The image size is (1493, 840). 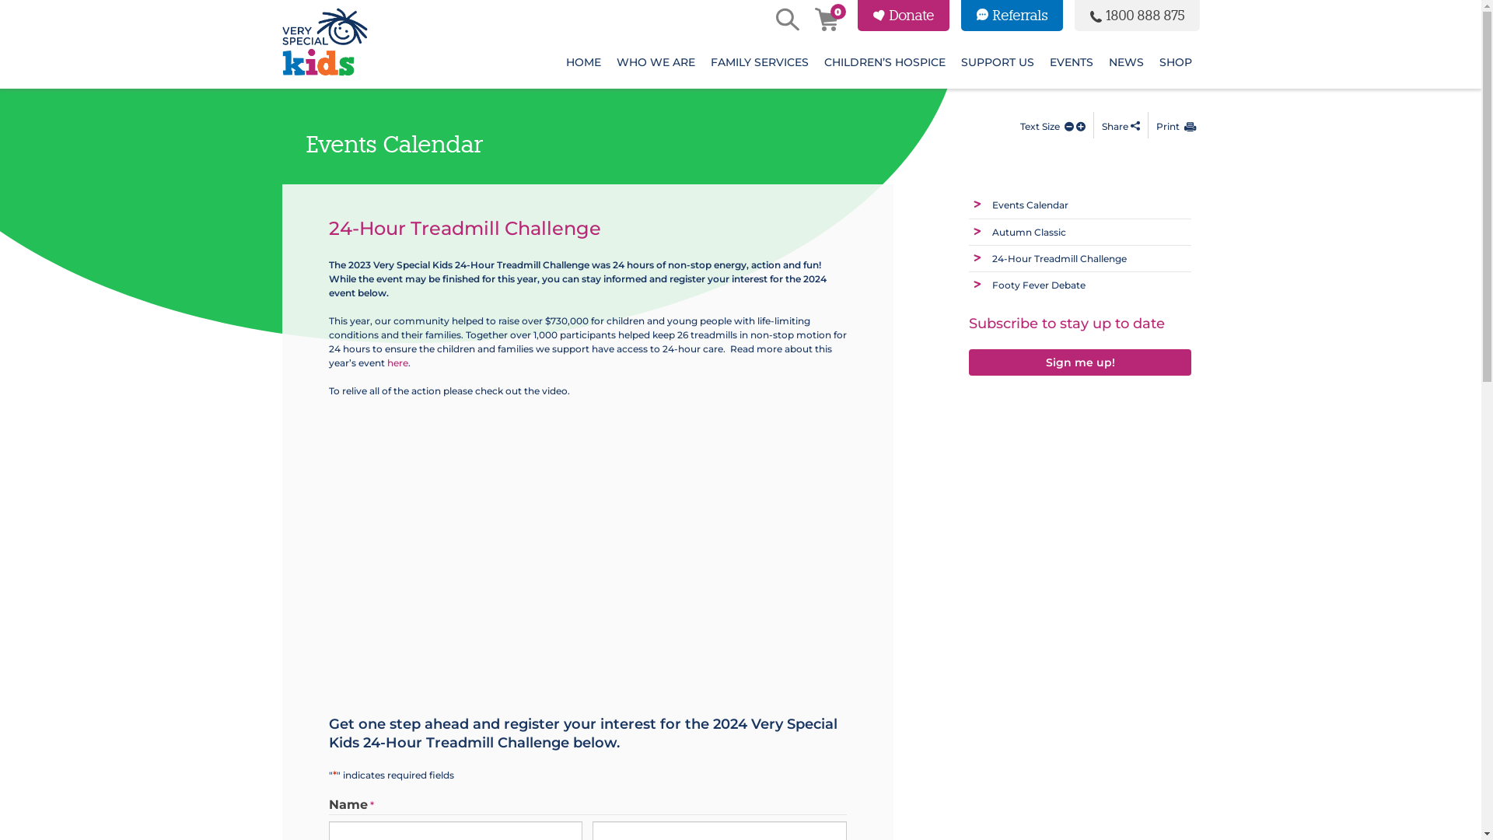 What do you see at coordinates (997, 61) in the screenshot?
I see `'SUPPORT US'` at bounding box center [997, 61].